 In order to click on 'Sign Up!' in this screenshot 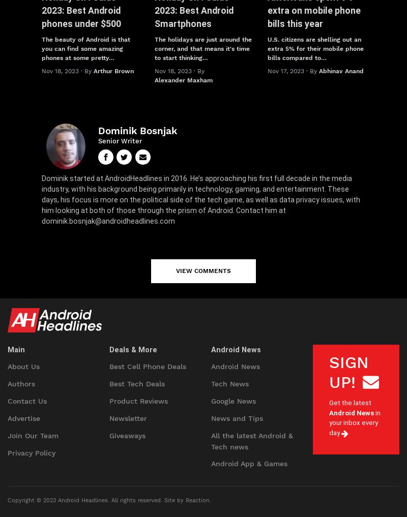, I will do `click(349, 372)`.